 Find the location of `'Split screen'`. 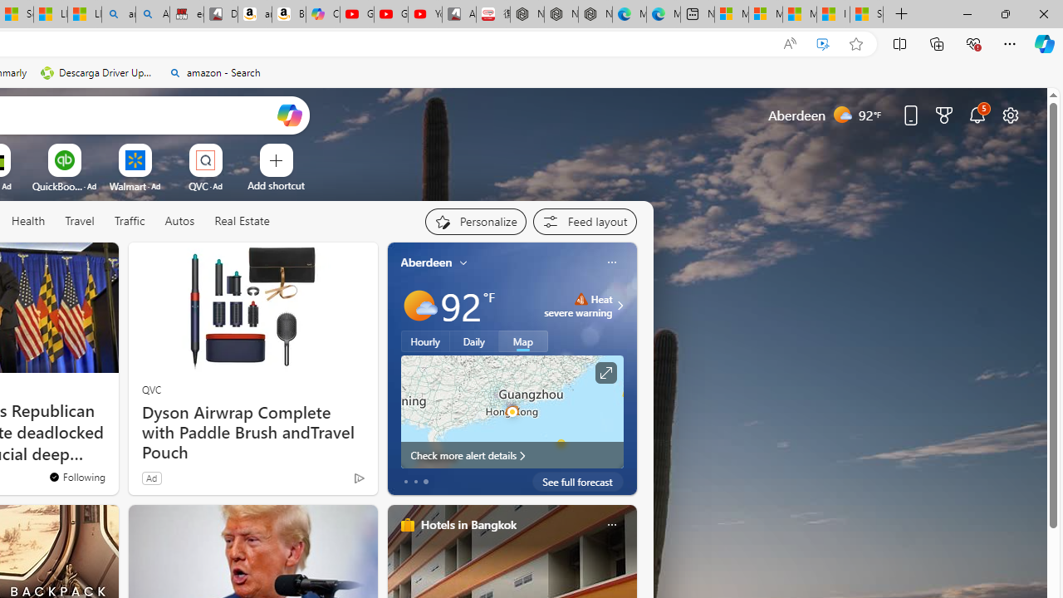

'Split screen' is located at coordinates (899, 42).